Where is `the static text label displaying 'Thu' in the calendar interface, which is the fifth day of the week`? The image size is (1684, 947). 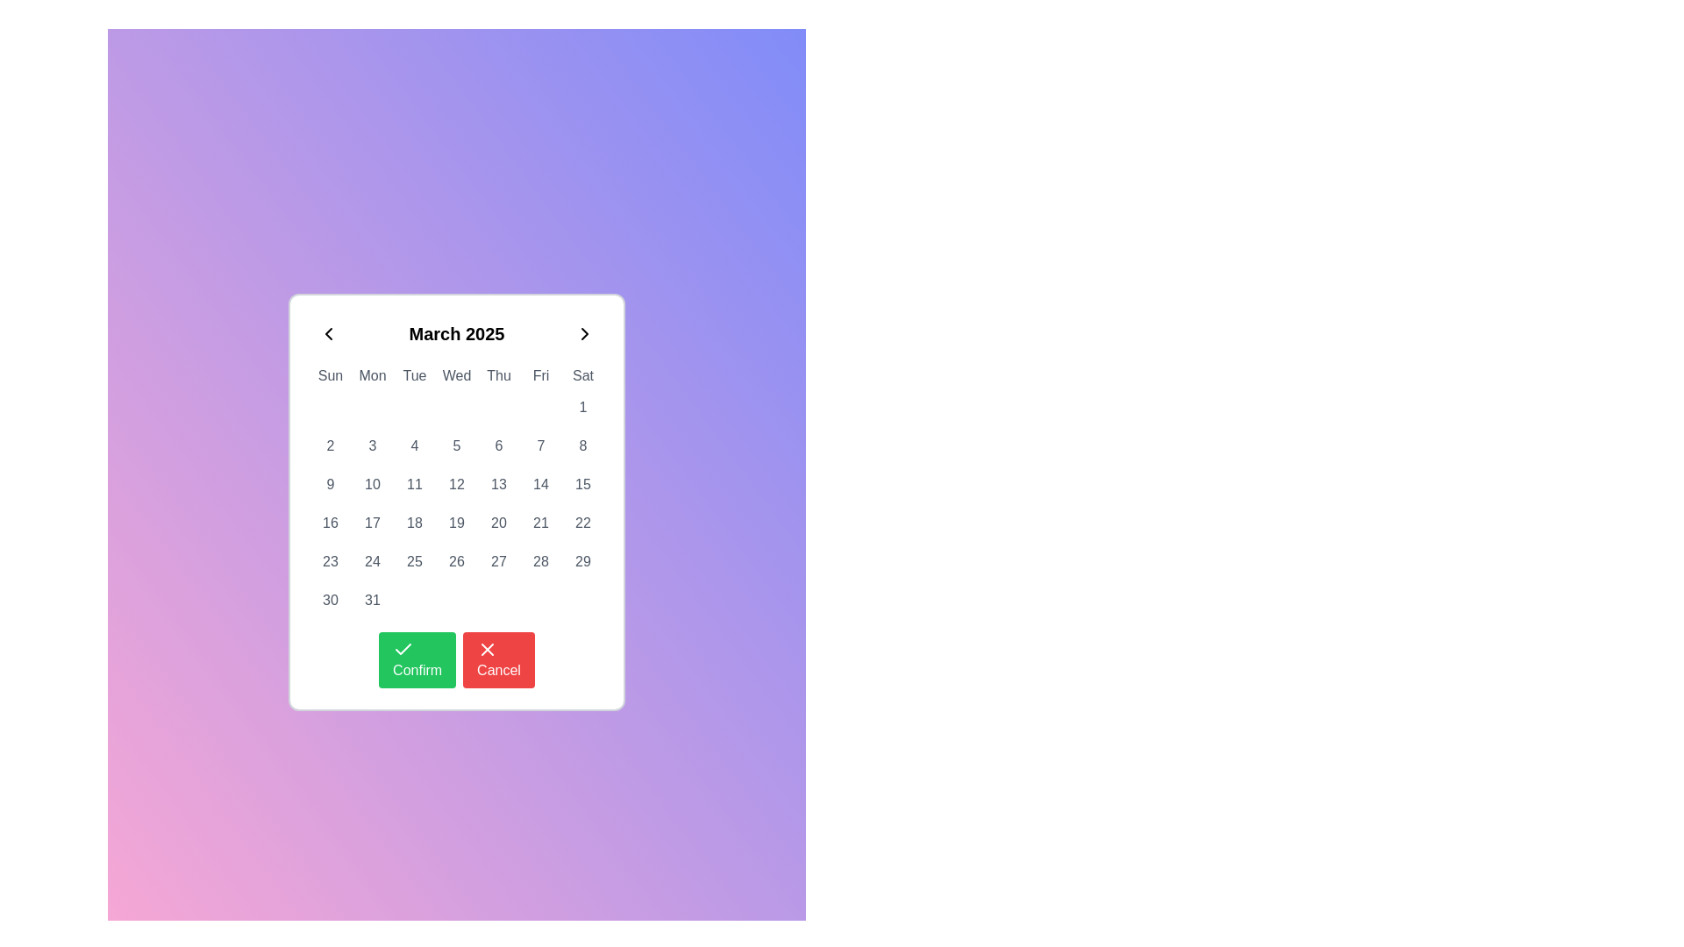
the static text label displaying 'Thu' in the calendar interface, which is the fifth day of the week is located at coordinates (498, 374).